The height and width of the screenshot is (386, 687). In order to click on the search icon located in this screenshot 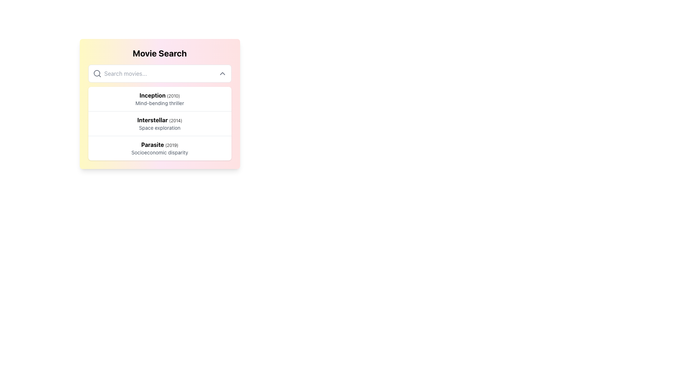, I will do `click(97, 73)`.